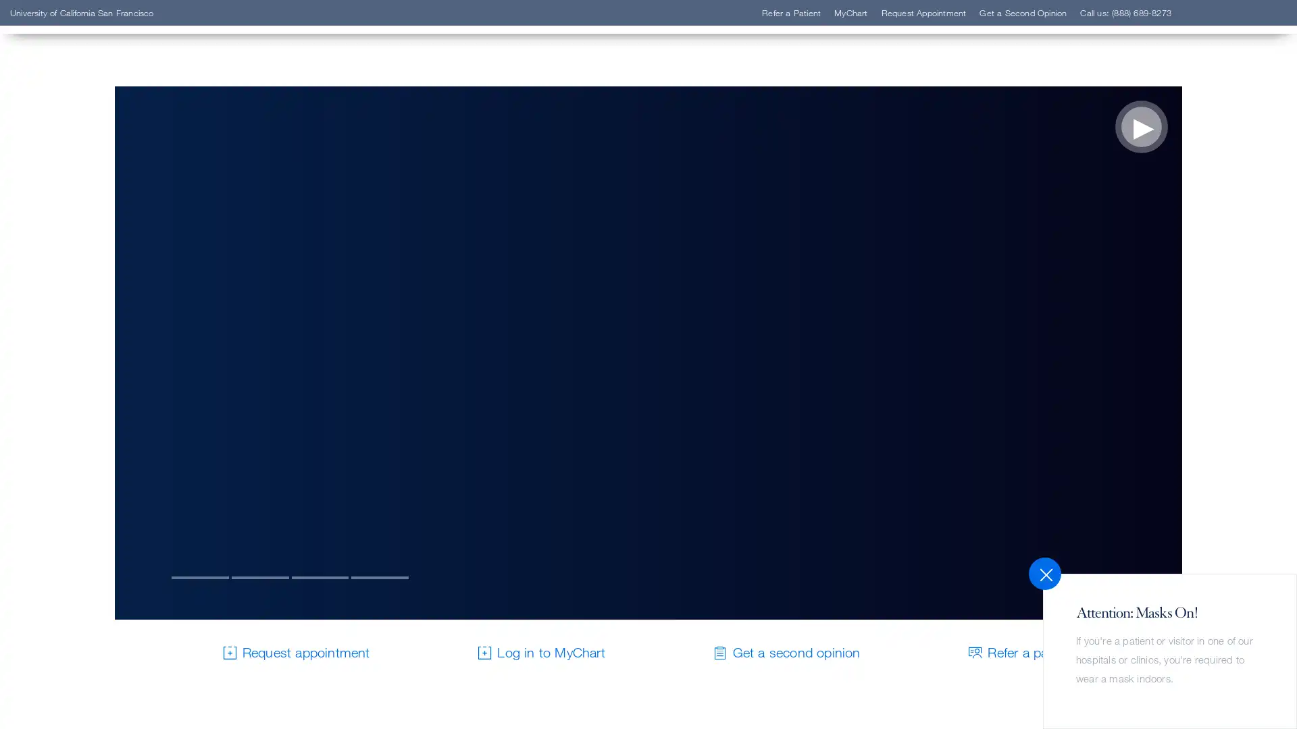  I want to click on Conditions, so click(85, 260).